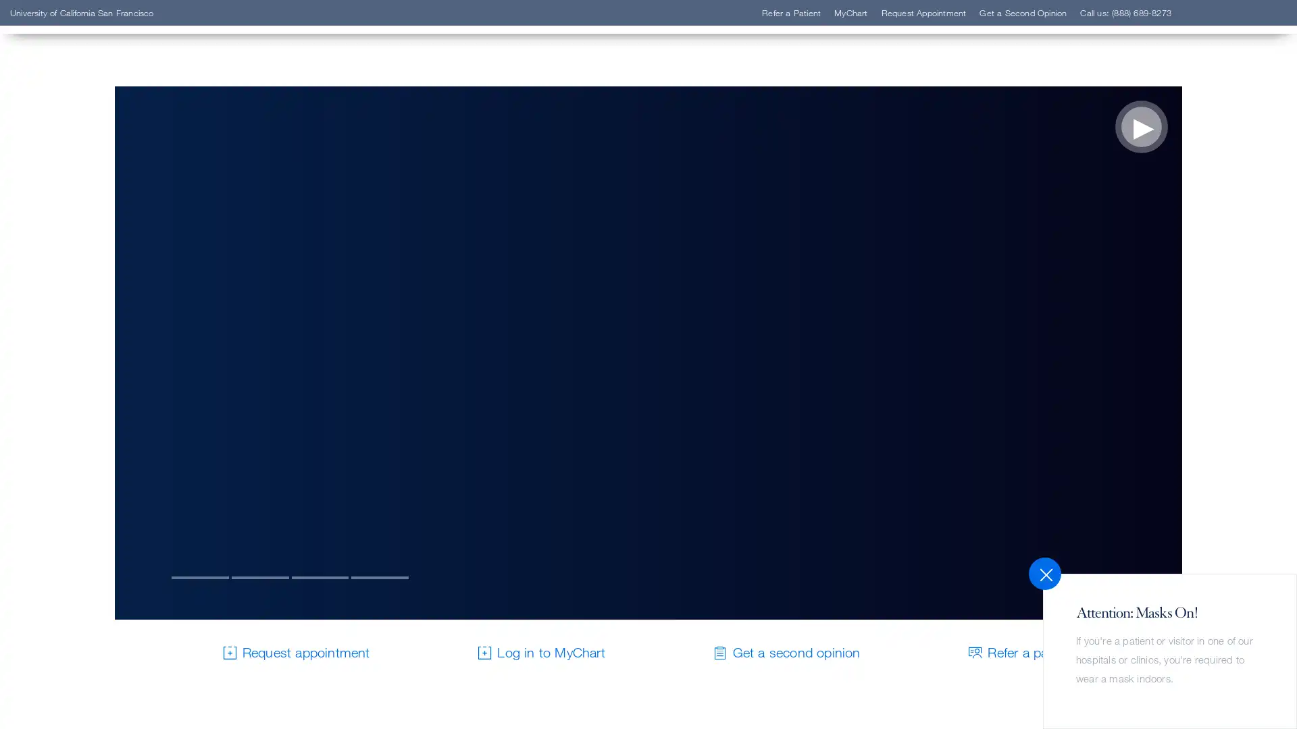  I want to click on Conditions, so click(85, 260).